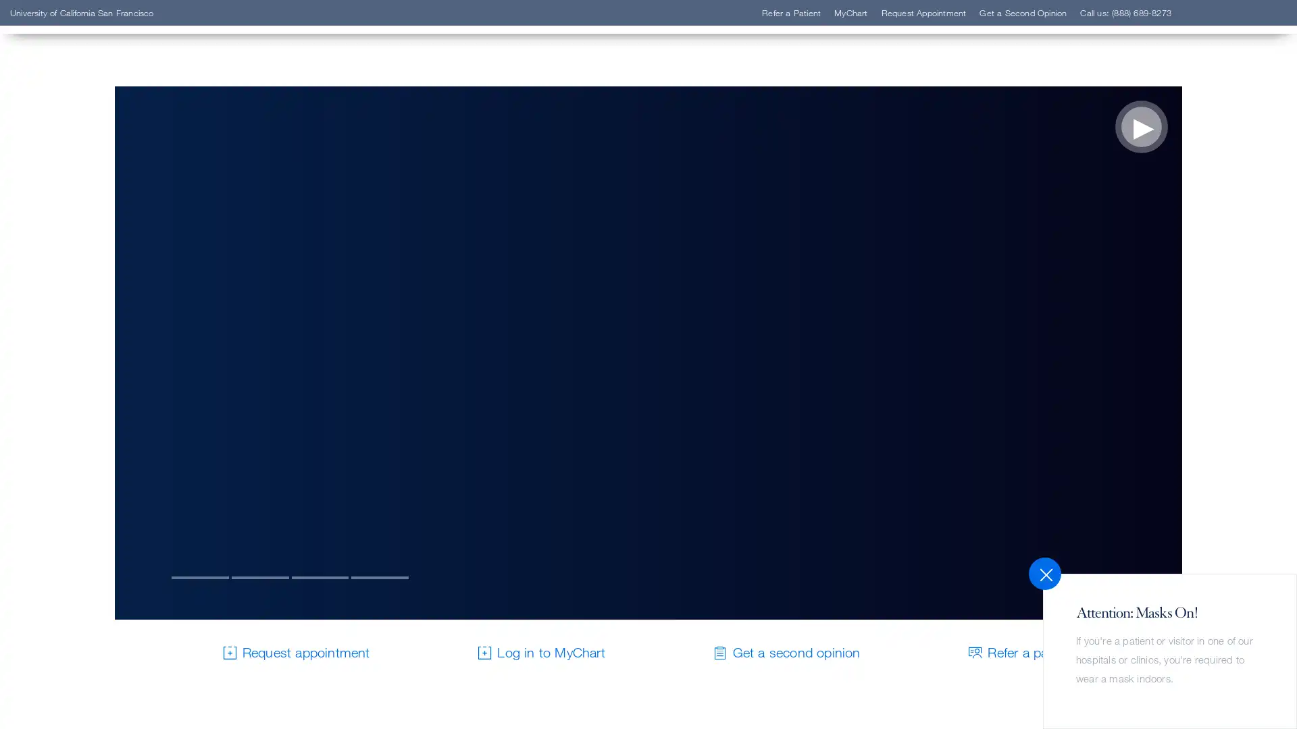  I want to click on Conditions, so click(85, 260).